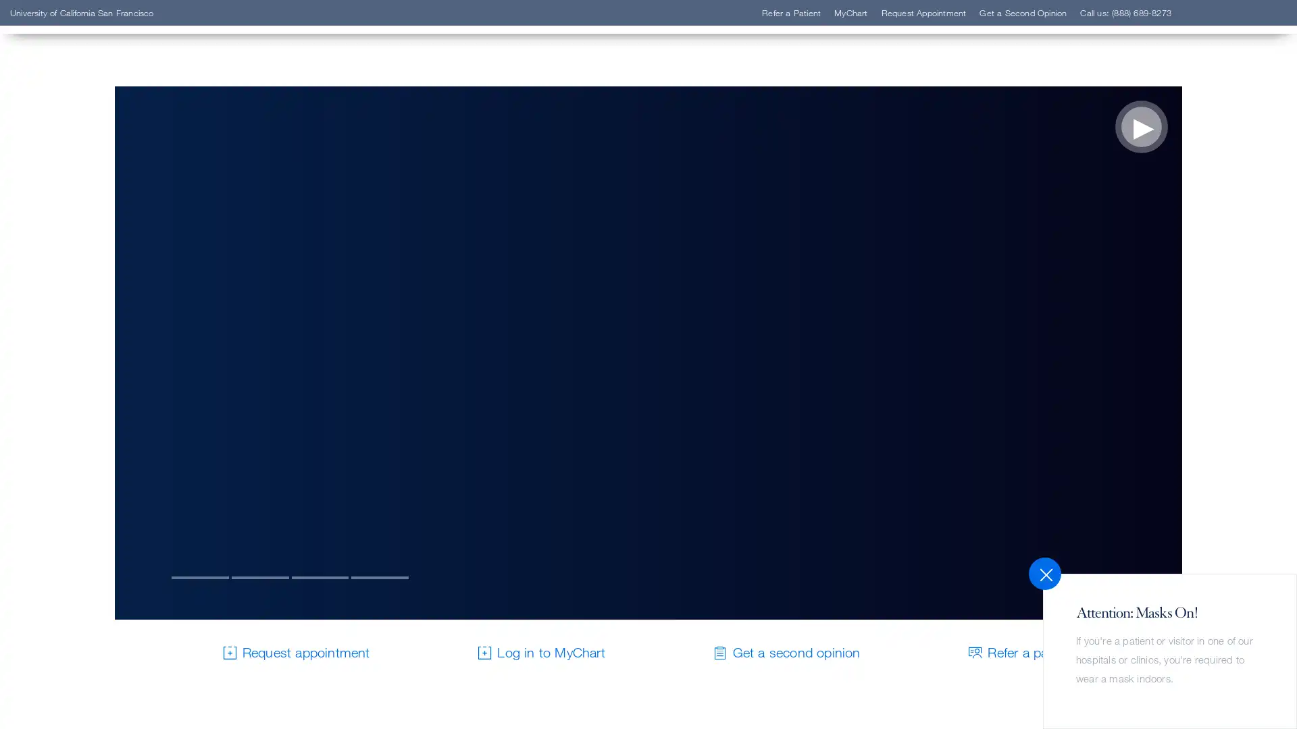  I want to click on Conditions, so click(85, 260).